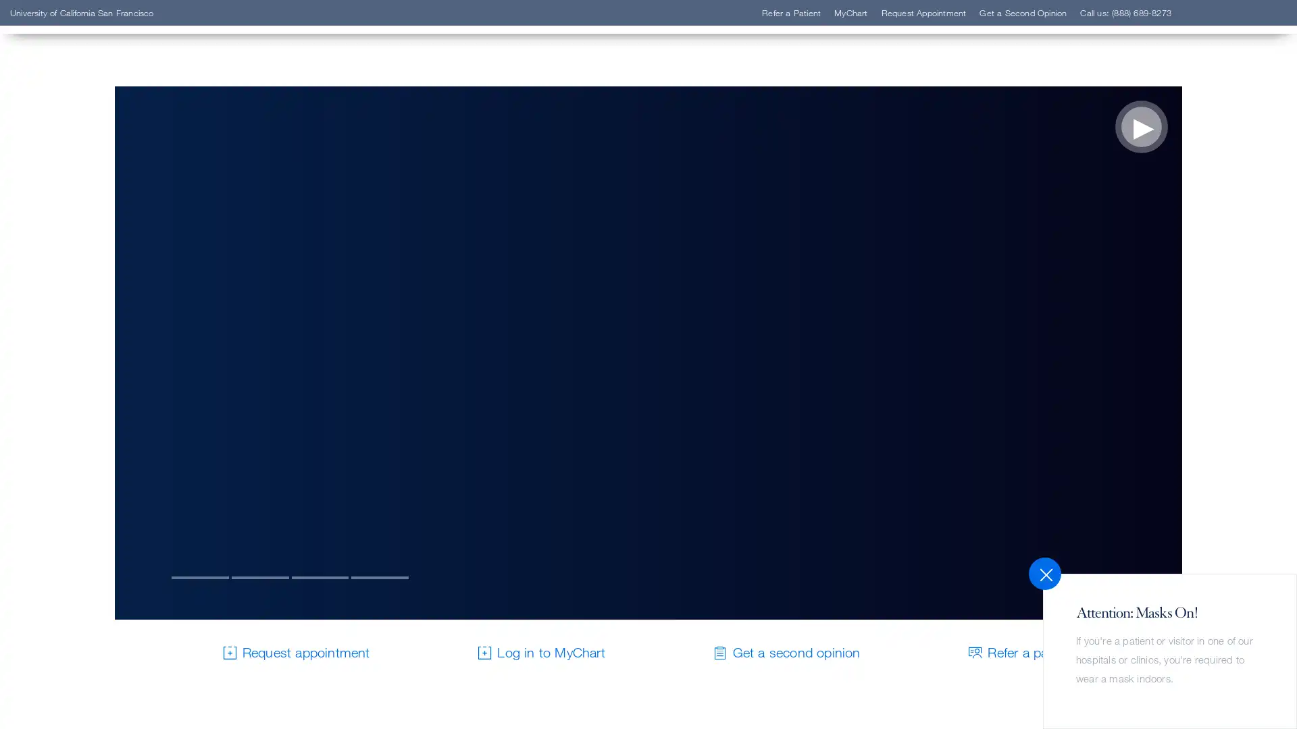  I want to click on Conditions, so click(85, 260).